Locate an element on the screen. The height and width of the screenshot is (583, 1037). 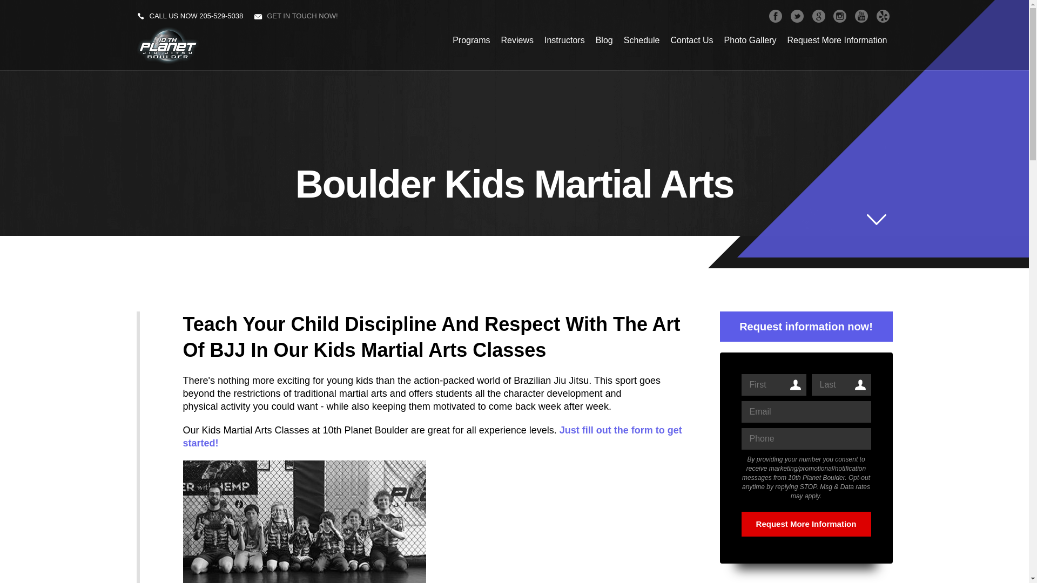
'TWITTER' is located at coordinates (797, 16).